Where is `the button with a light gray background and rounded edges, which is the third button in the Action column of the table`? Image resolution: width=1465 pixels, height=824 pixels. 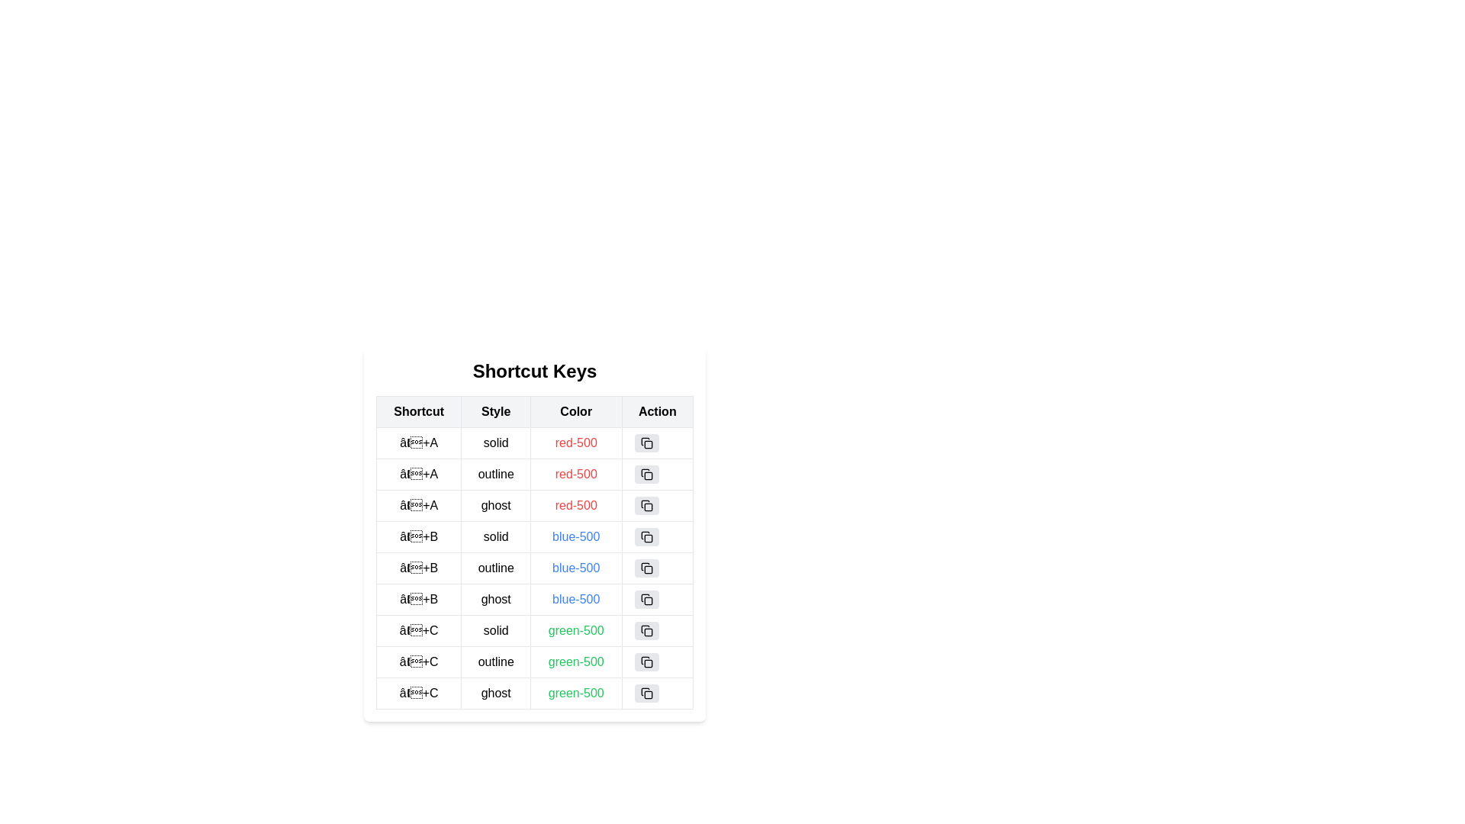
the button with a light gray background and rounded edges, which is the third button in the Action column of the table is located at coordinates (646, 506).